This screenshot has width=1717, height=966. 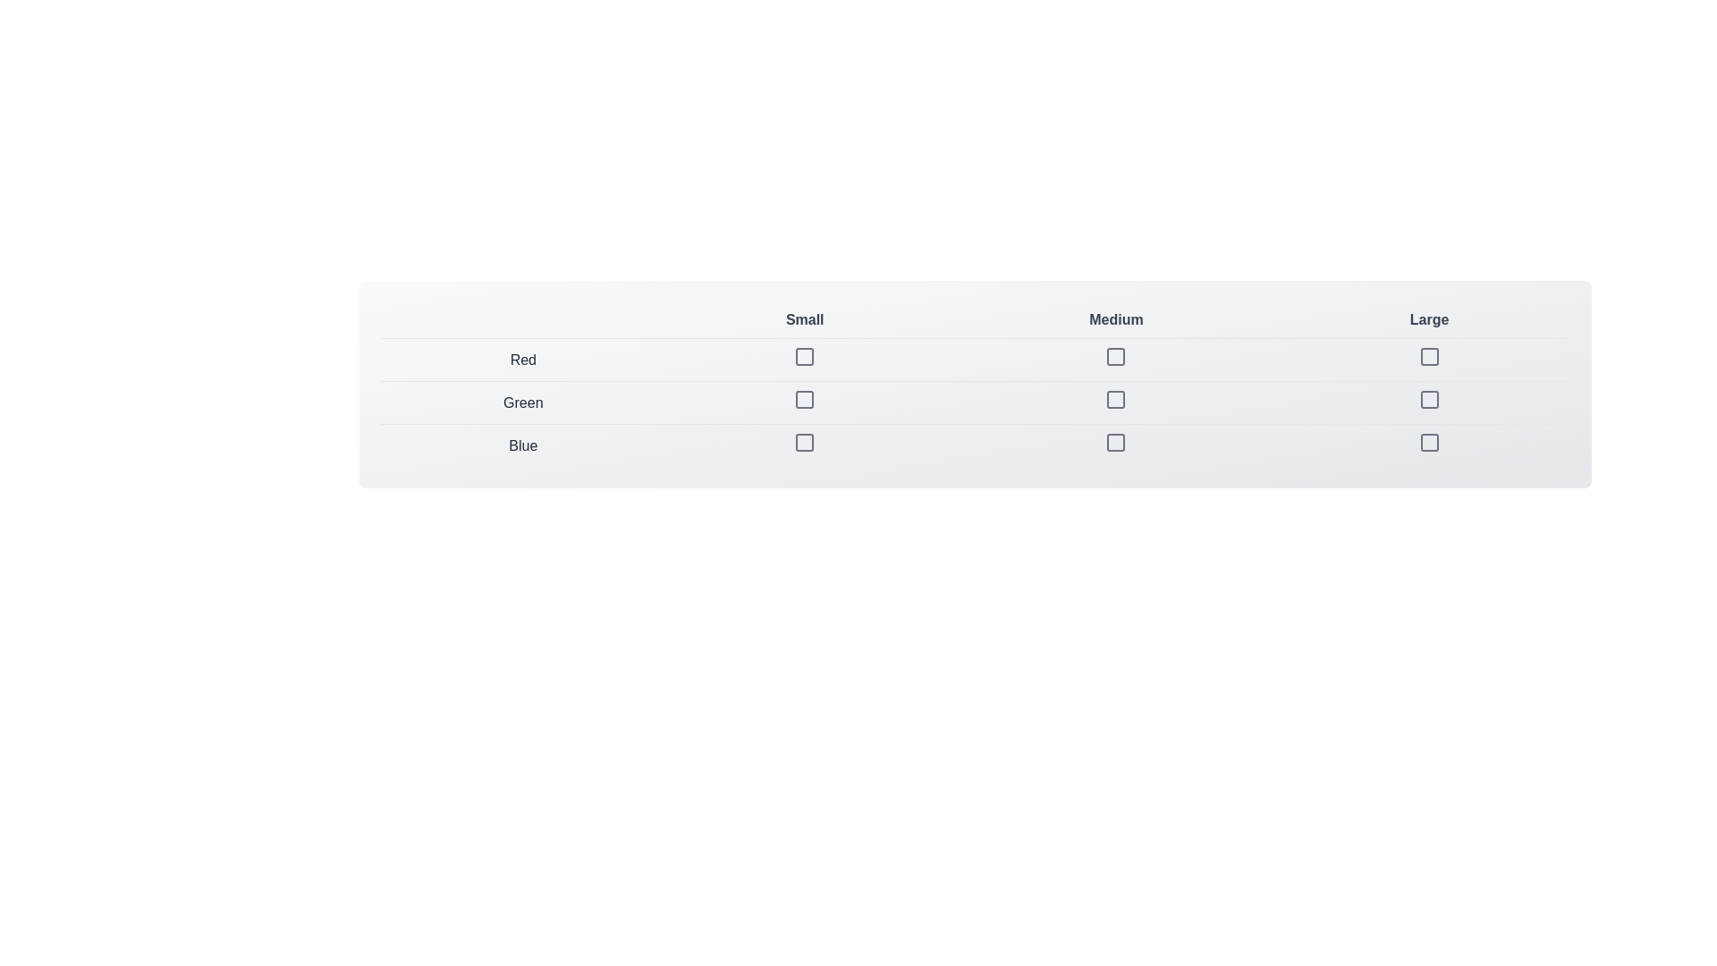 What do you see at coordinates (804, 442) in the screenshot?
I see `the empty checkbox in the third row associated with 'Blue' and the second column labeled 'Small'` at bounding box center [804, 442].